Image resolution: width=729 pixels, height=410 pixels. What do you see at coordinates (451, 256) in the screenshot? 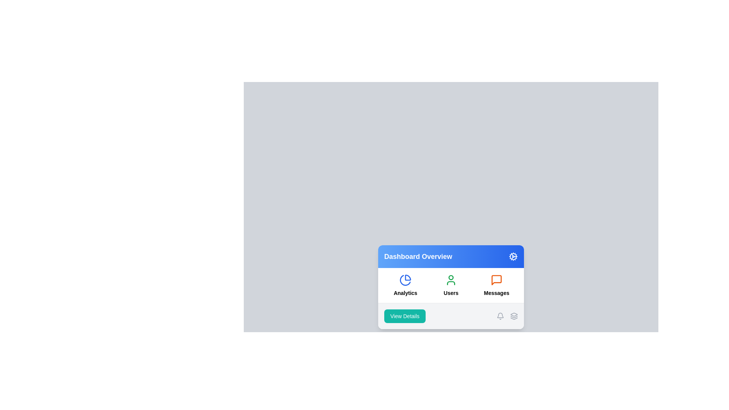
I see `the 'Dashboard Overview' text label with a gear icon located in the header of the card-like section at the top of the user interface` at bounding box center [451, 256].